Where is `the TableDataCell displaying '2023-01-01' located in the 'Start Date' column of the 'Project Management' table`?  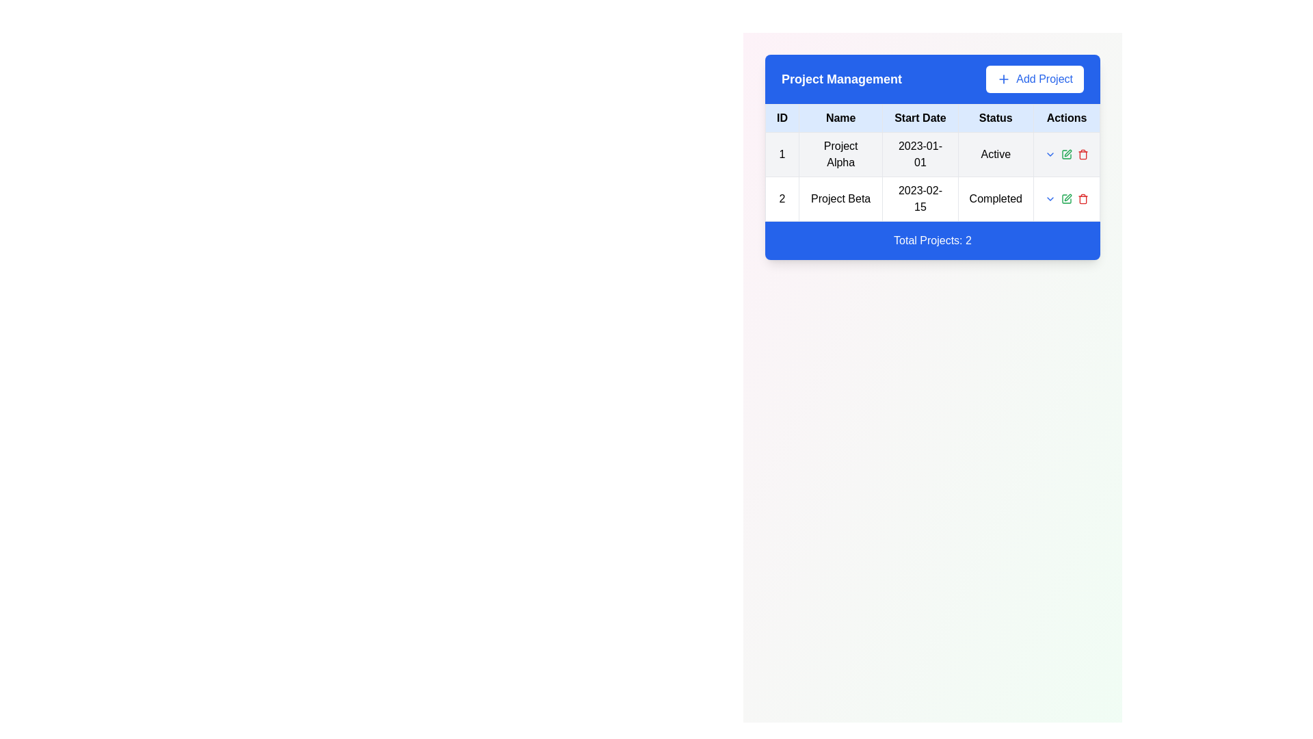 the TableDataCell displaying '2023-01-01' located in the 'Start Date' column of the 'Project Management' table is located at coordinates (920, 154).